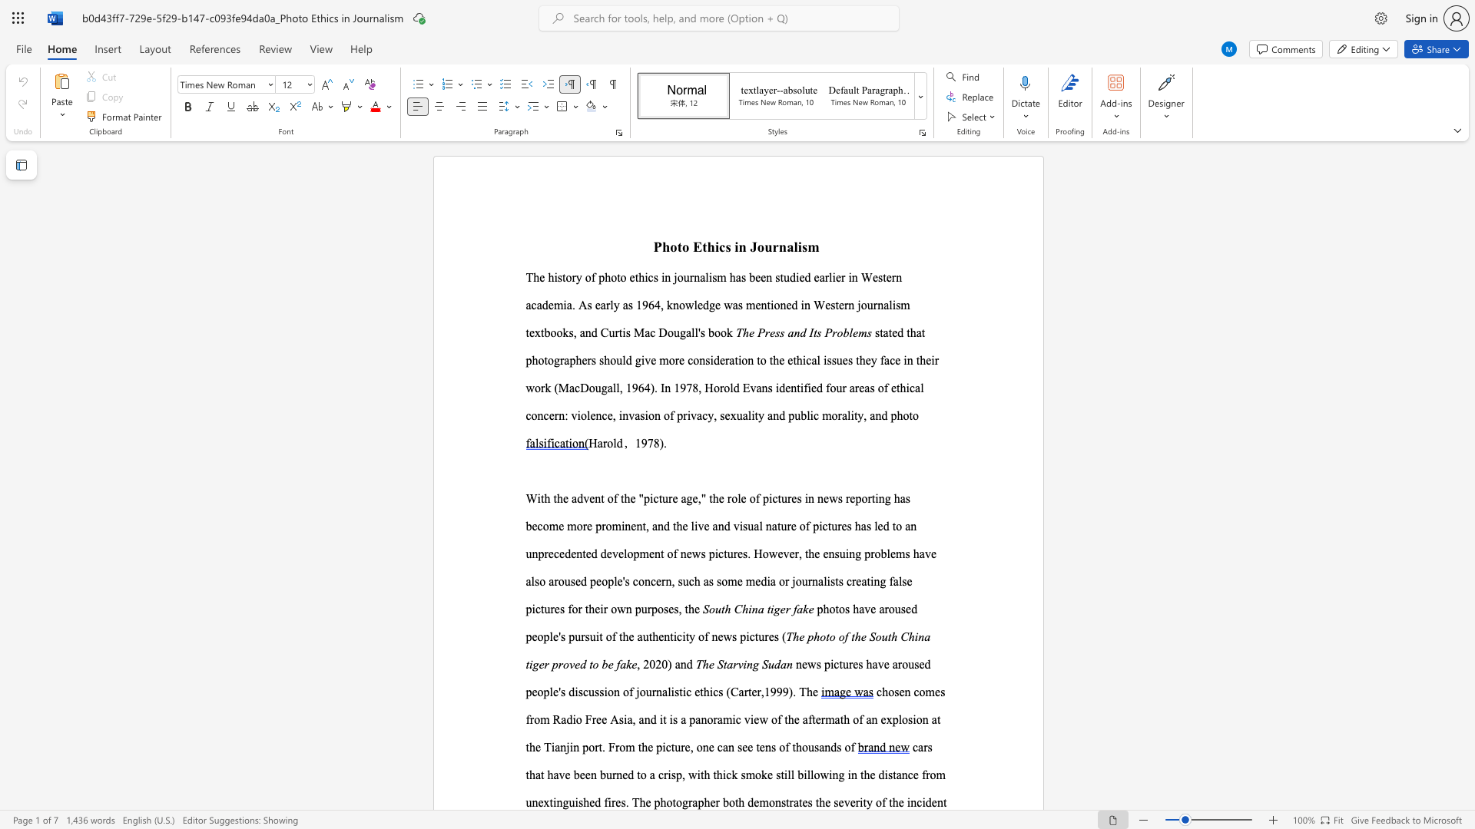  Describe the element at coordinates (874, 719) in the screenshot. I see `the 3th character "n" in the text` at that location.